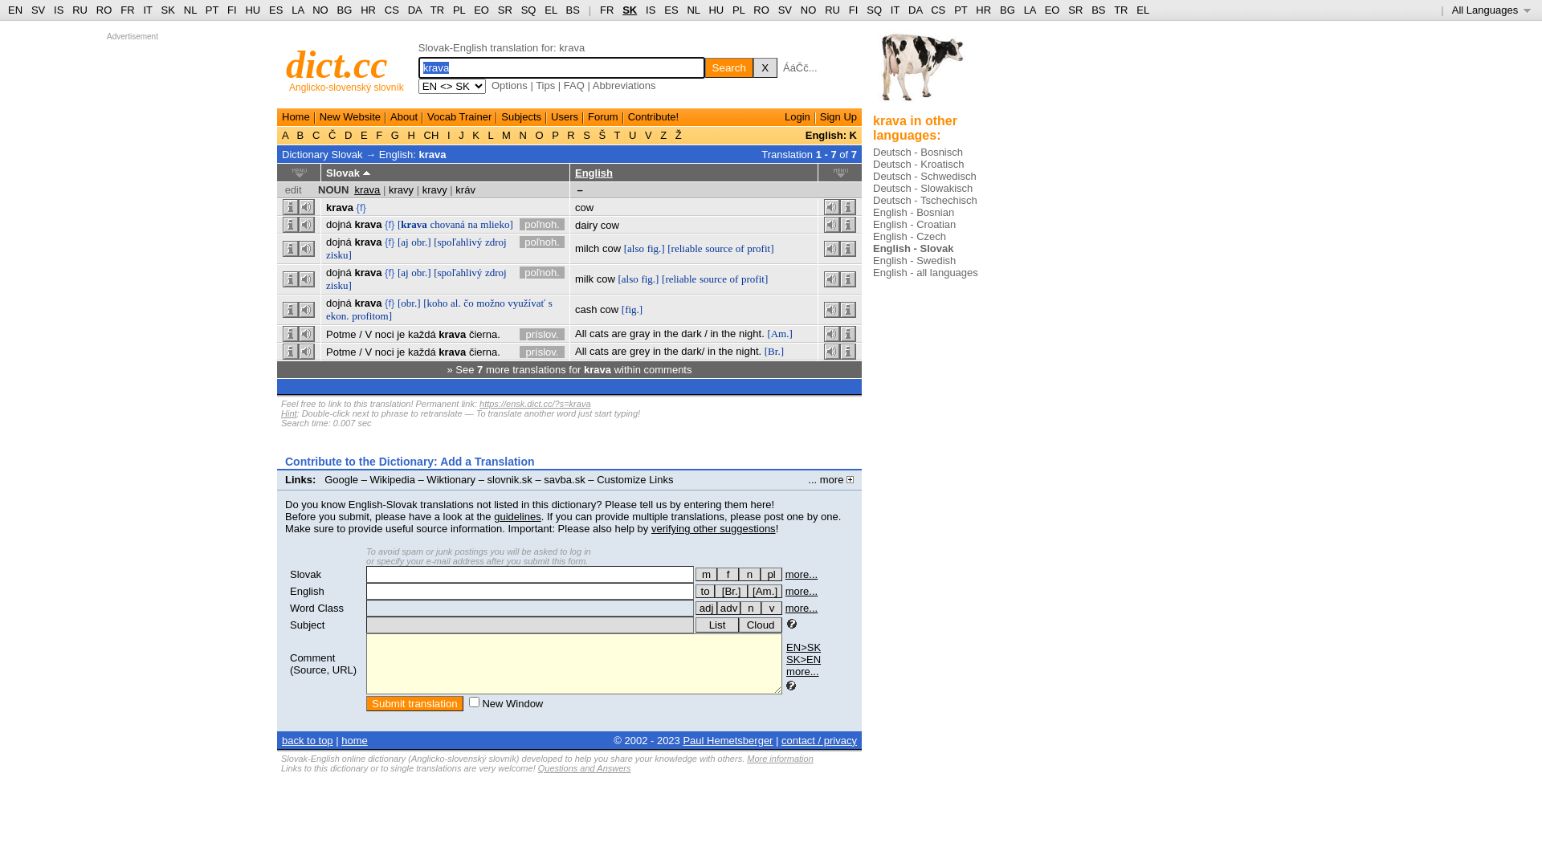  Describe the element at coordinates (520, 116) in the screenshot. I see `'Subjects'` at that location.